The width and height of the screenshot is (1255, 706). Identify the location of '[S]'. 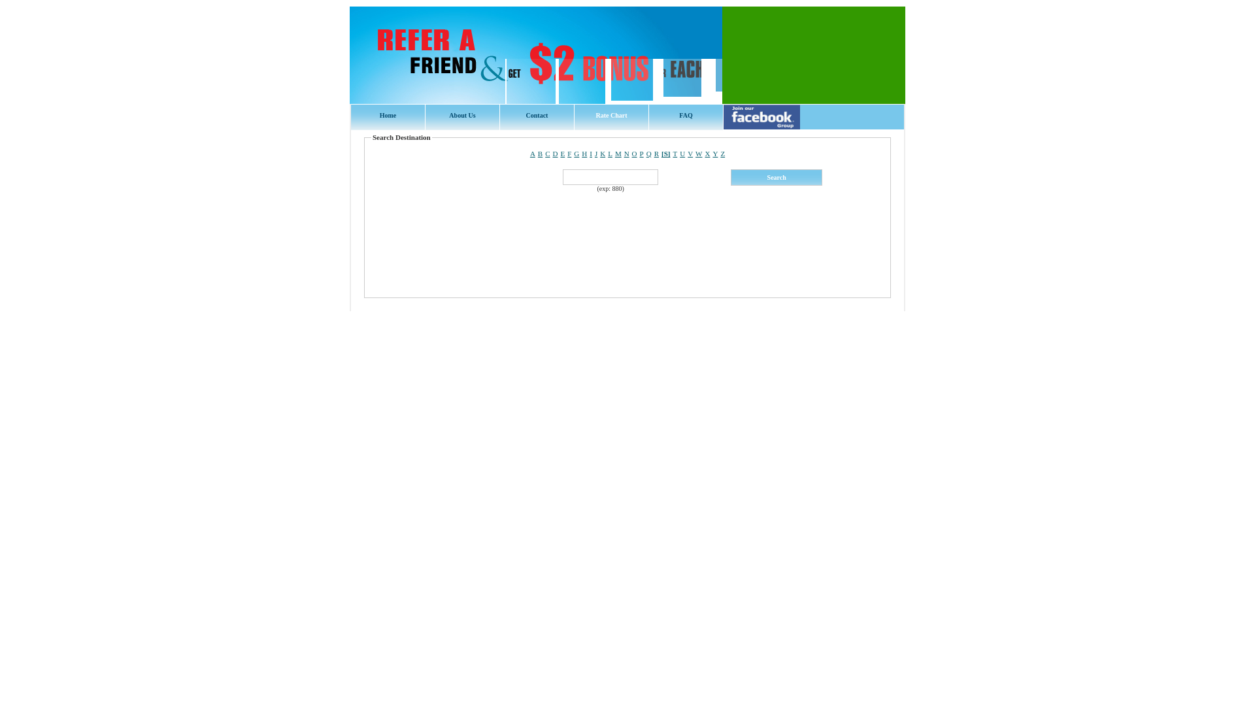
(665, 153).